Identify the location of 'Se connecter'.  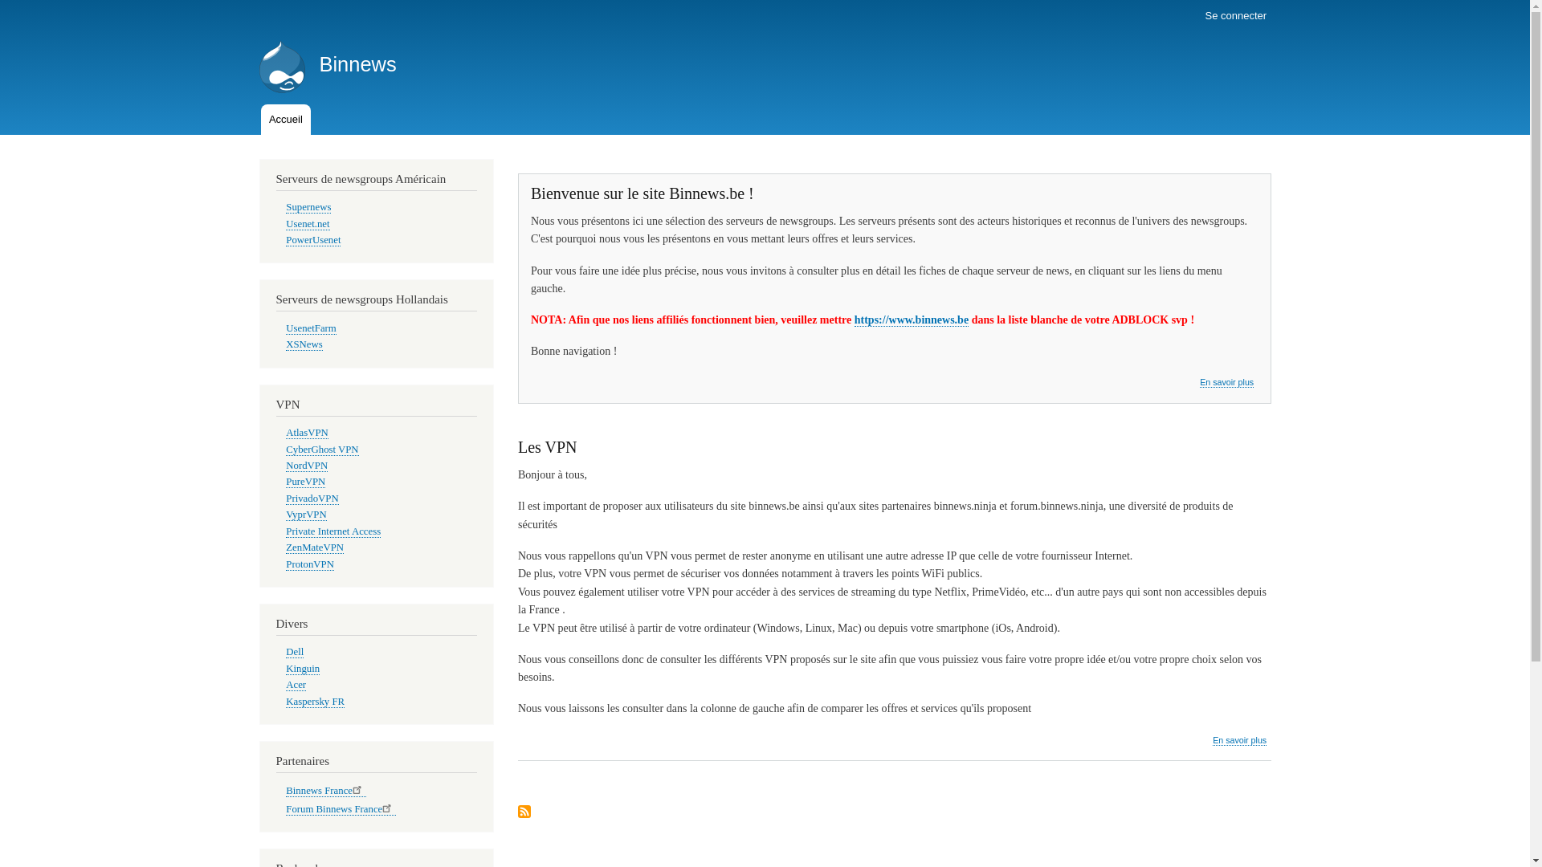
(1234, 15).